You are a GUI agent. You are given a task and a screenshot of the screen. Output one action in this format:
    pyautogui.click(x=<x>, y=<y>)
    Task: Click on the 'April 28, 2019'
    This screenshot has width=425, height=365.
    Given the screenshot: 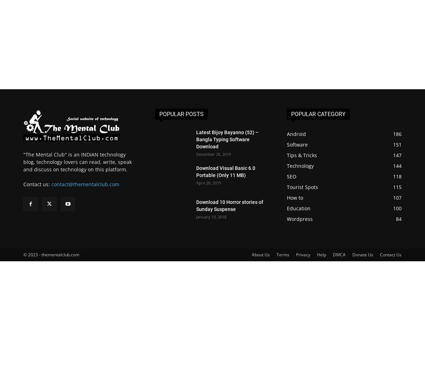 What is the action you would take?
    pyautogui.click(x=208, y=182)
    